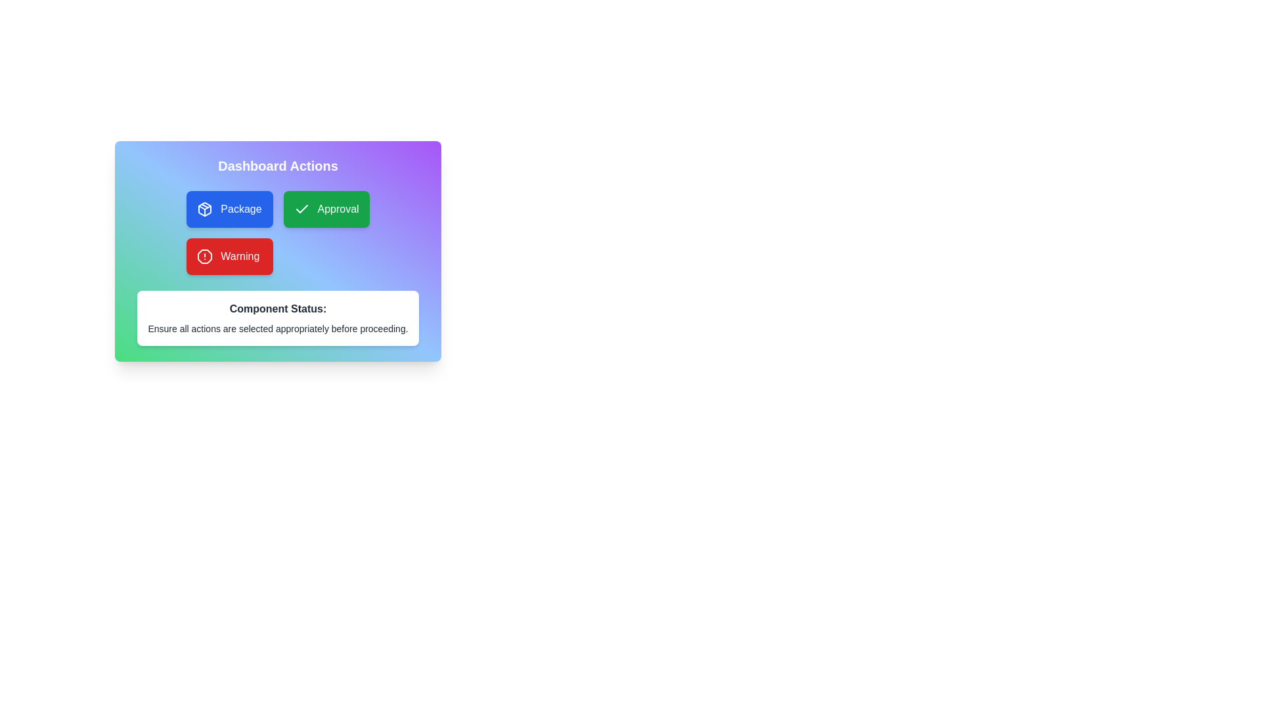 This screenshot has width=1261, height=709. What do you see at coordinates (326, 209) in the screenshot?
I see `the 'Approval' button located in the grid layout, which is the second button in the top row` at bounding box center [326, 209].